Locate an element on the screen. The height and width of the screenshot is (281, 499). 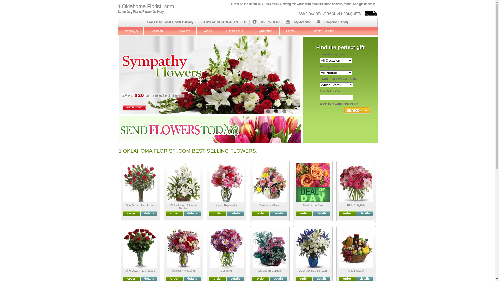
'One Dozen Red Roses' is located at coordinates (140, 270).